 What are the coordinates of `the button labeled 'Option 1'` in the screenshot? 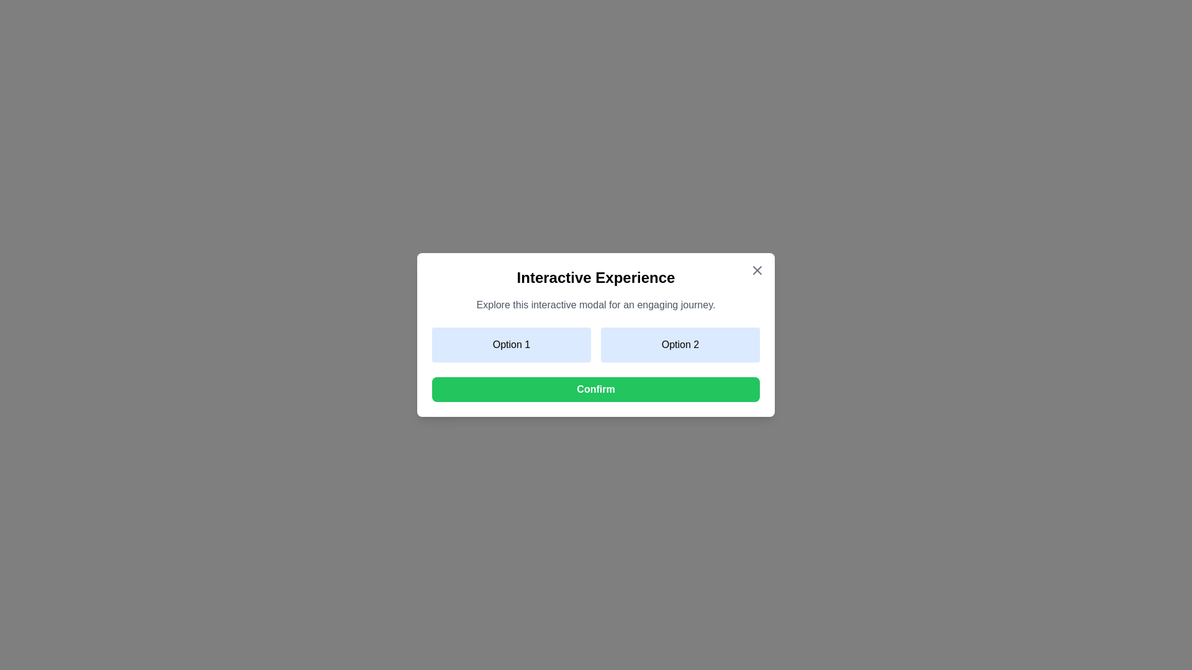 It's located at (512, 344).